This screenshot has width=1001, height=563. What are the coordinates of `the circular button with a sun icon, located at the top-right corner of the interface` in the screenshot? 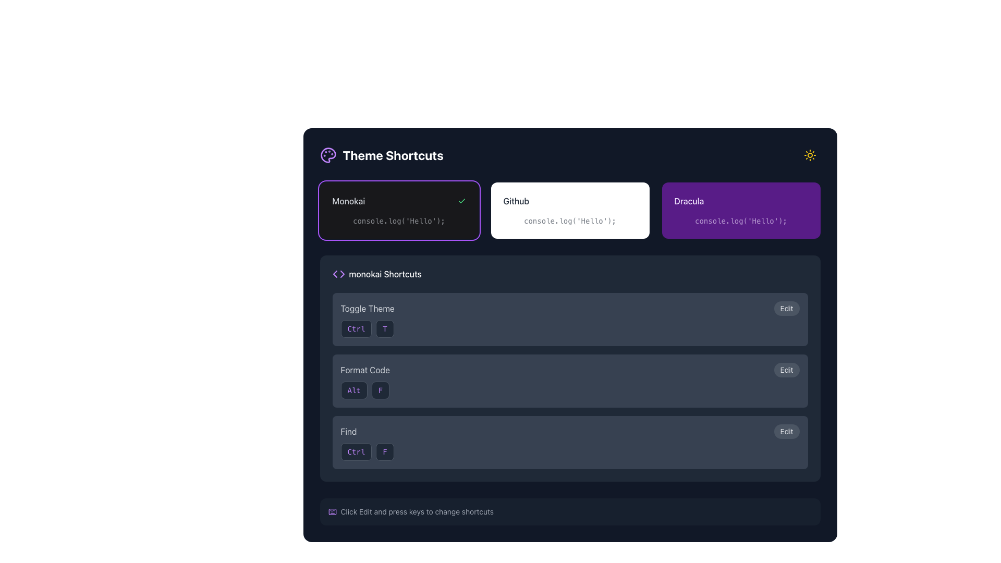 It's located at (809, 155).